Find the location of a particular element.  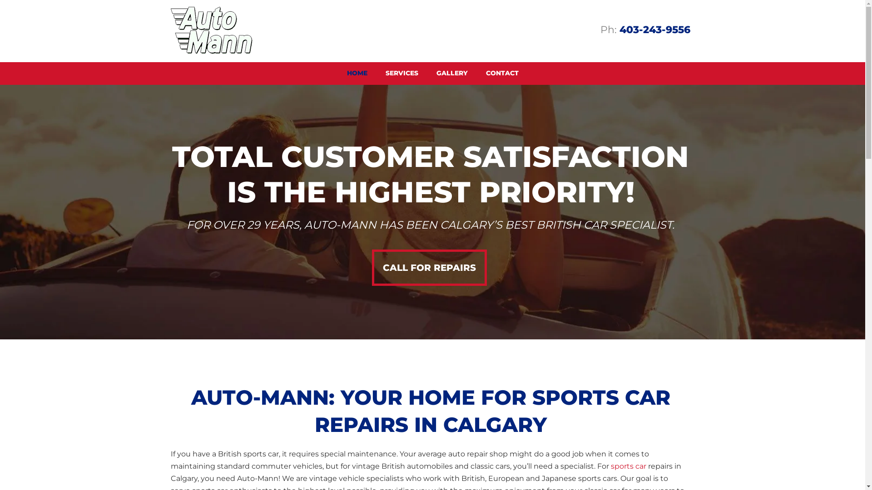

'CALL FOR REPAIRS' is located at coordinates (428, 267).